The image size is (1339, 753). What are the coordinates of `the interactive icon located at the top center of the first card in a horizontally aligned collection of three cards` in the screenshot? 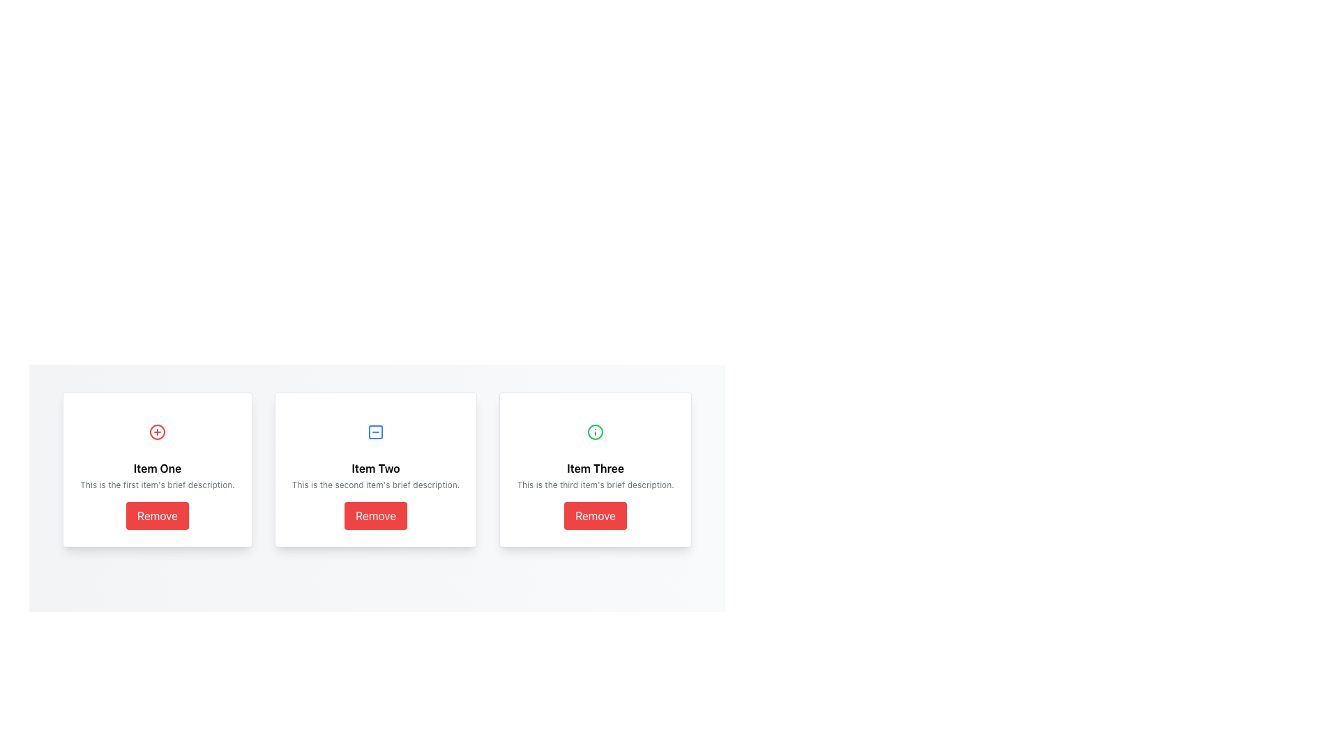 It's located at (157, 432).